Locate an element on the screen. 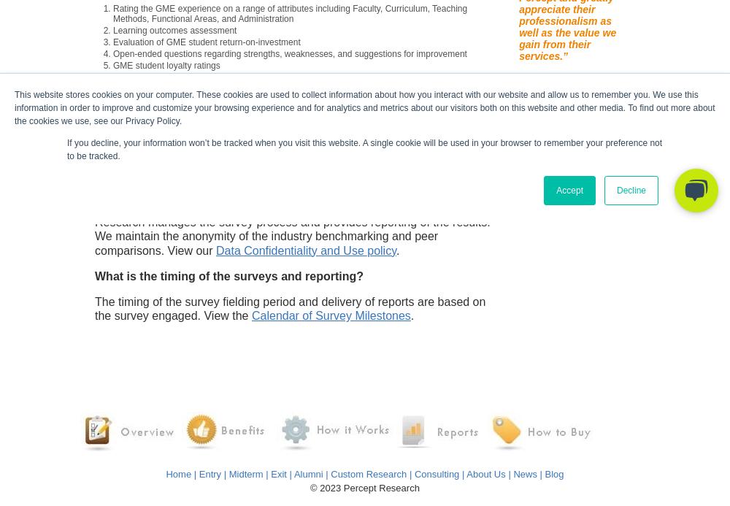  'Home' is located at coordinates (165, 472).